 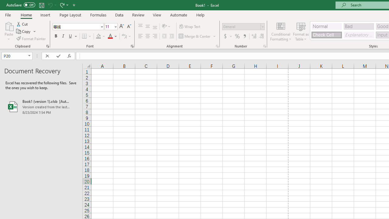 I want to click on 'Decrease Indent', so click(x=164, y=36).